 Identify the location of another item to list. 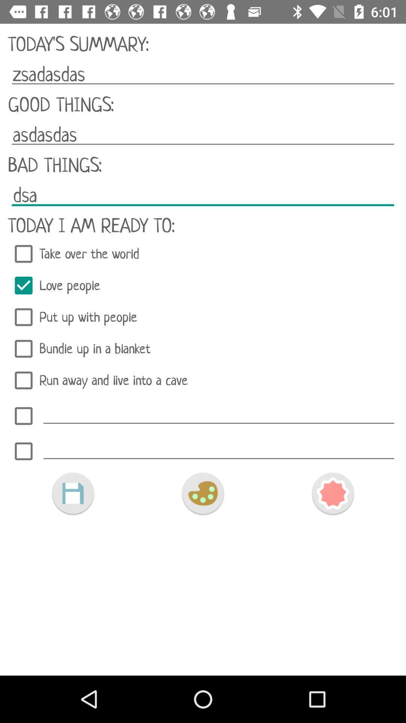
(23, 451).